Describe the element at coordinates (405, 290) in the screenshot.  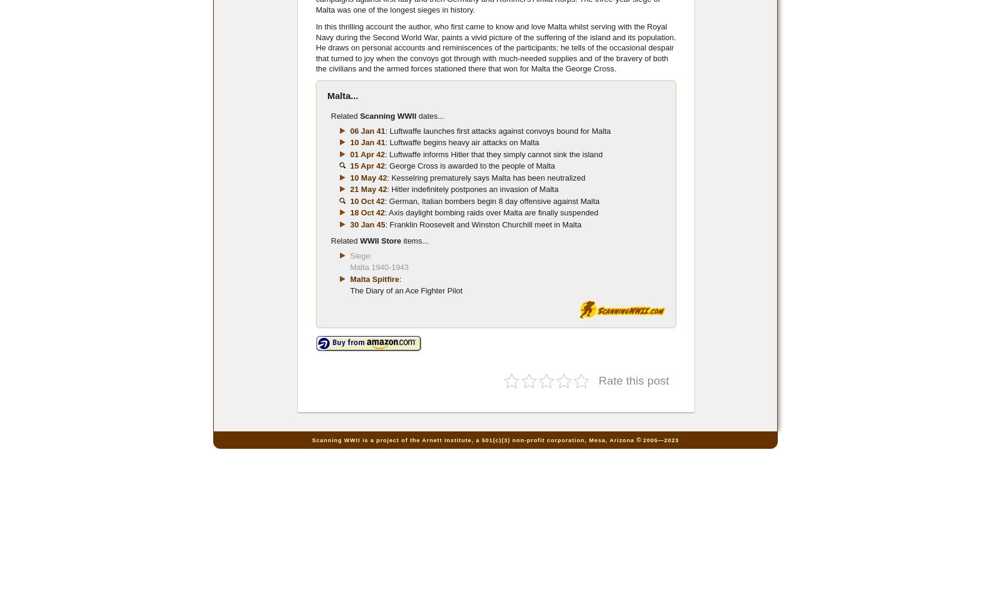
I see `'The Diary of an Ace Fighter Pilot'` at that location.